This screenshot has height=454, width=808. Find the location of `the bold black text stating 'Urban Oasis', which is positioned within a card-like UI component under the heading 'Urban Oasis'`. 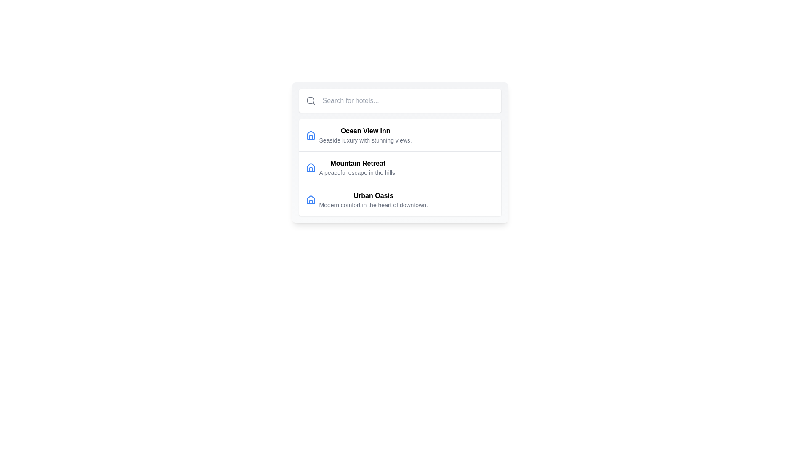

the bold black text stating 'Urban Oasis', which is positioned within a card-like UI component under the heading 'Urban Oasis' is located at coordinates (373, 196).